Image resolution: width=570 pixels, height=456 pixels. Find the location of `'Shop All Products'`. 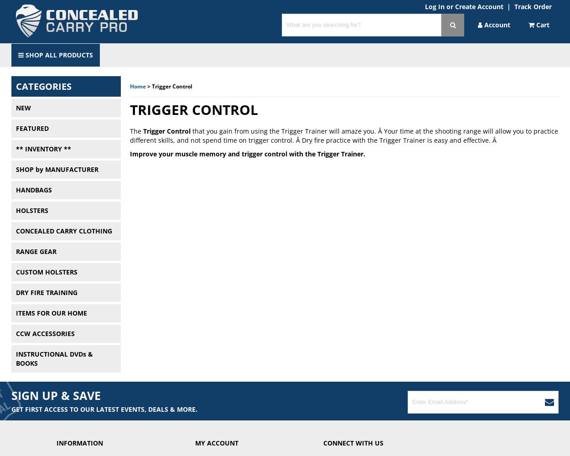

'Shop All Products' is located at coordinates (24, 54).